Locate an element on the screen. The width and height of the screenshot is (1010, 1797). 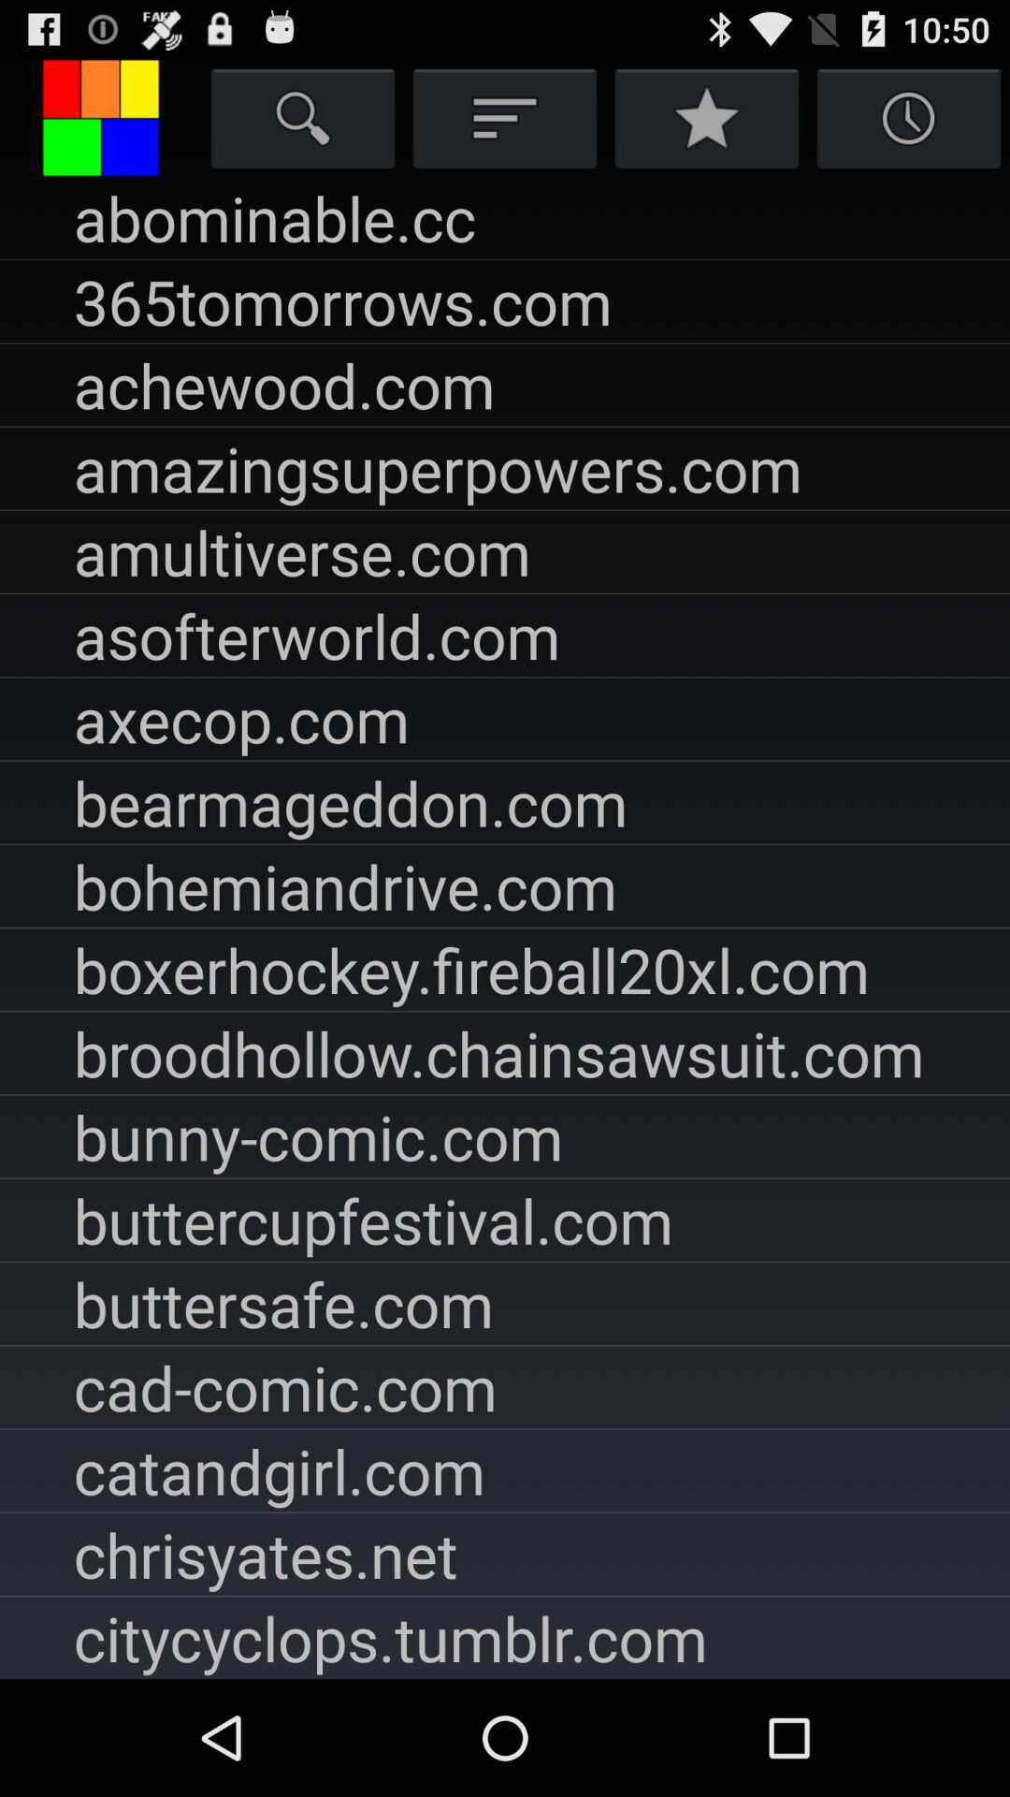
the search icon is located at coordinates (302, 124).